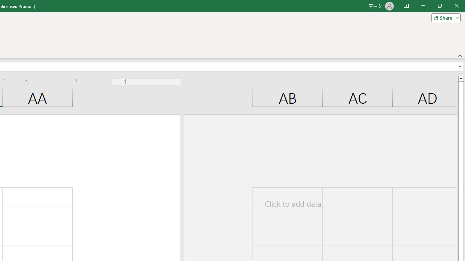 The height and width of the screenshot is (261, 465). Describe the element at coordinates (456, 6) in the screenshot. I see `'Close'` at that location.